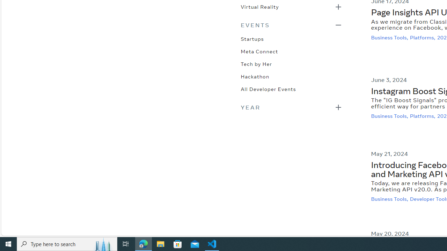  What do you see at coordinates (268, 88) in the screenshot?
I see `'All Developer Events'` at bounding box center [268, 88].